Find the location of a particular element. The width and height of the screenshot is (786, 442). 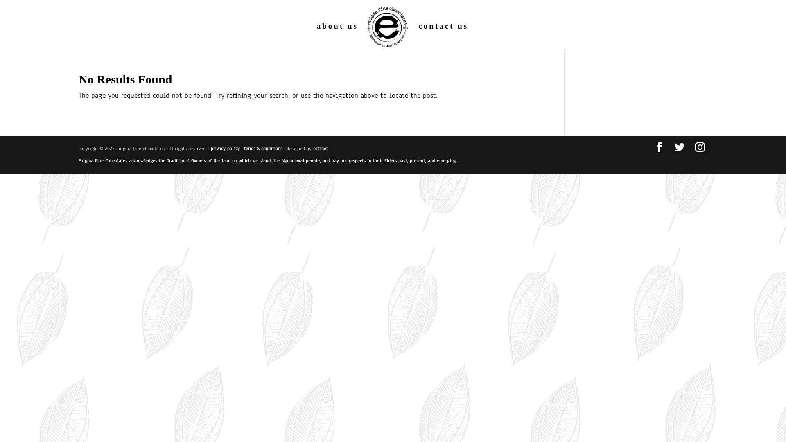

'about us' is located at coordinates (337, 36).